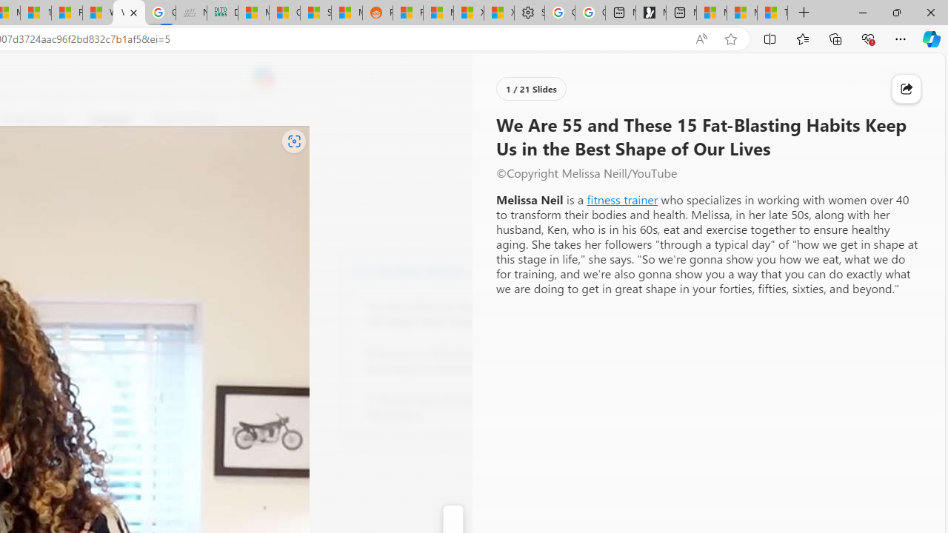 The width and height of the screenshot is (948, 533). I want to click on 'These 3 Stocks Pay You More Than 5% to Own Them', so click(772, 13).